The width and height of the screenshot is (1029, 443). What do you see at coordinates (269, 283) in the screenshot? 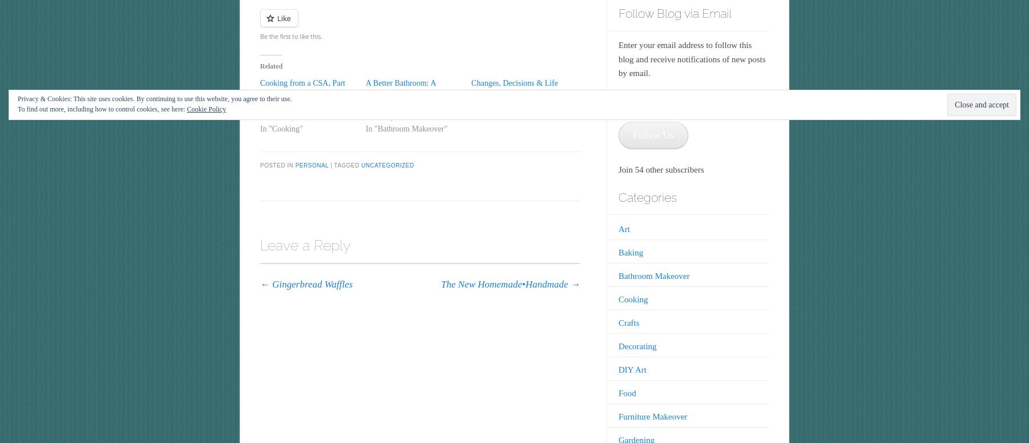
I see `'Gingerbread Waffles'` at bounding box center [269, 283].